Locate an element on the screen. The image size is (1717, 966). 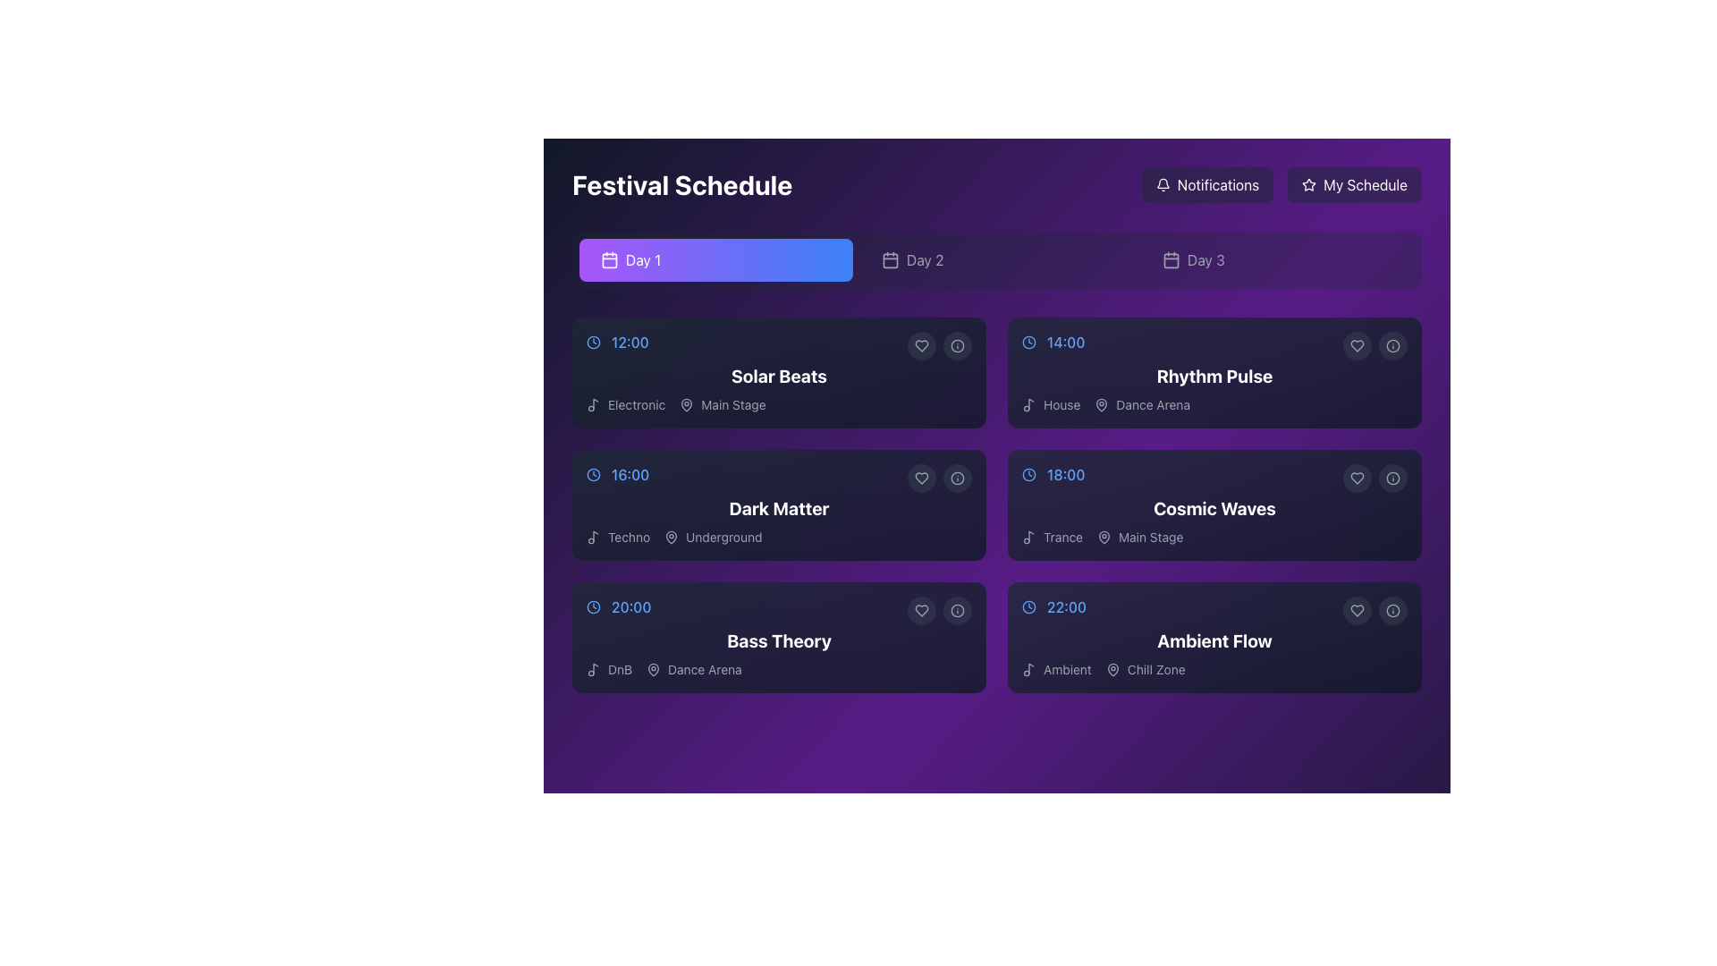
the text label that serves as the title of an event in the schedule located in the third row and first column of the grid layout is located at coordinates (779, 640).